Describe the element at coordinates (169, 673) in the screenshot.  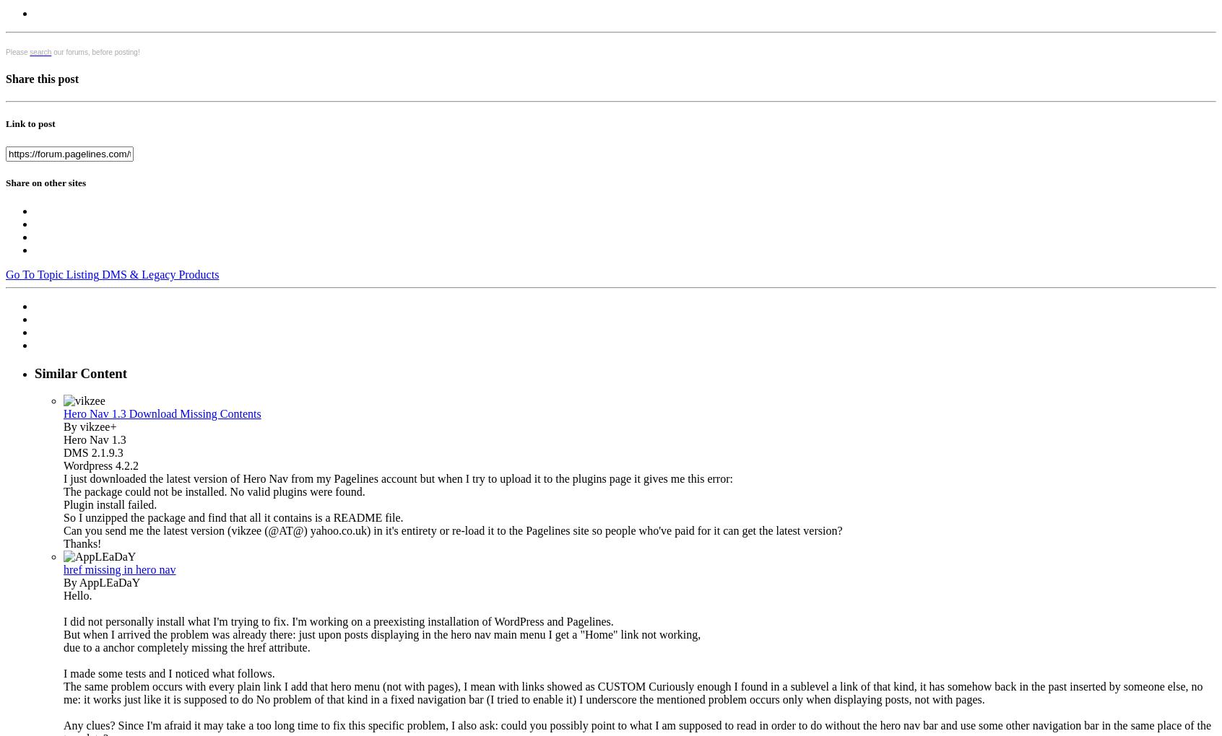
I see `'I made some tests and I noticed what follows.'` at that location.